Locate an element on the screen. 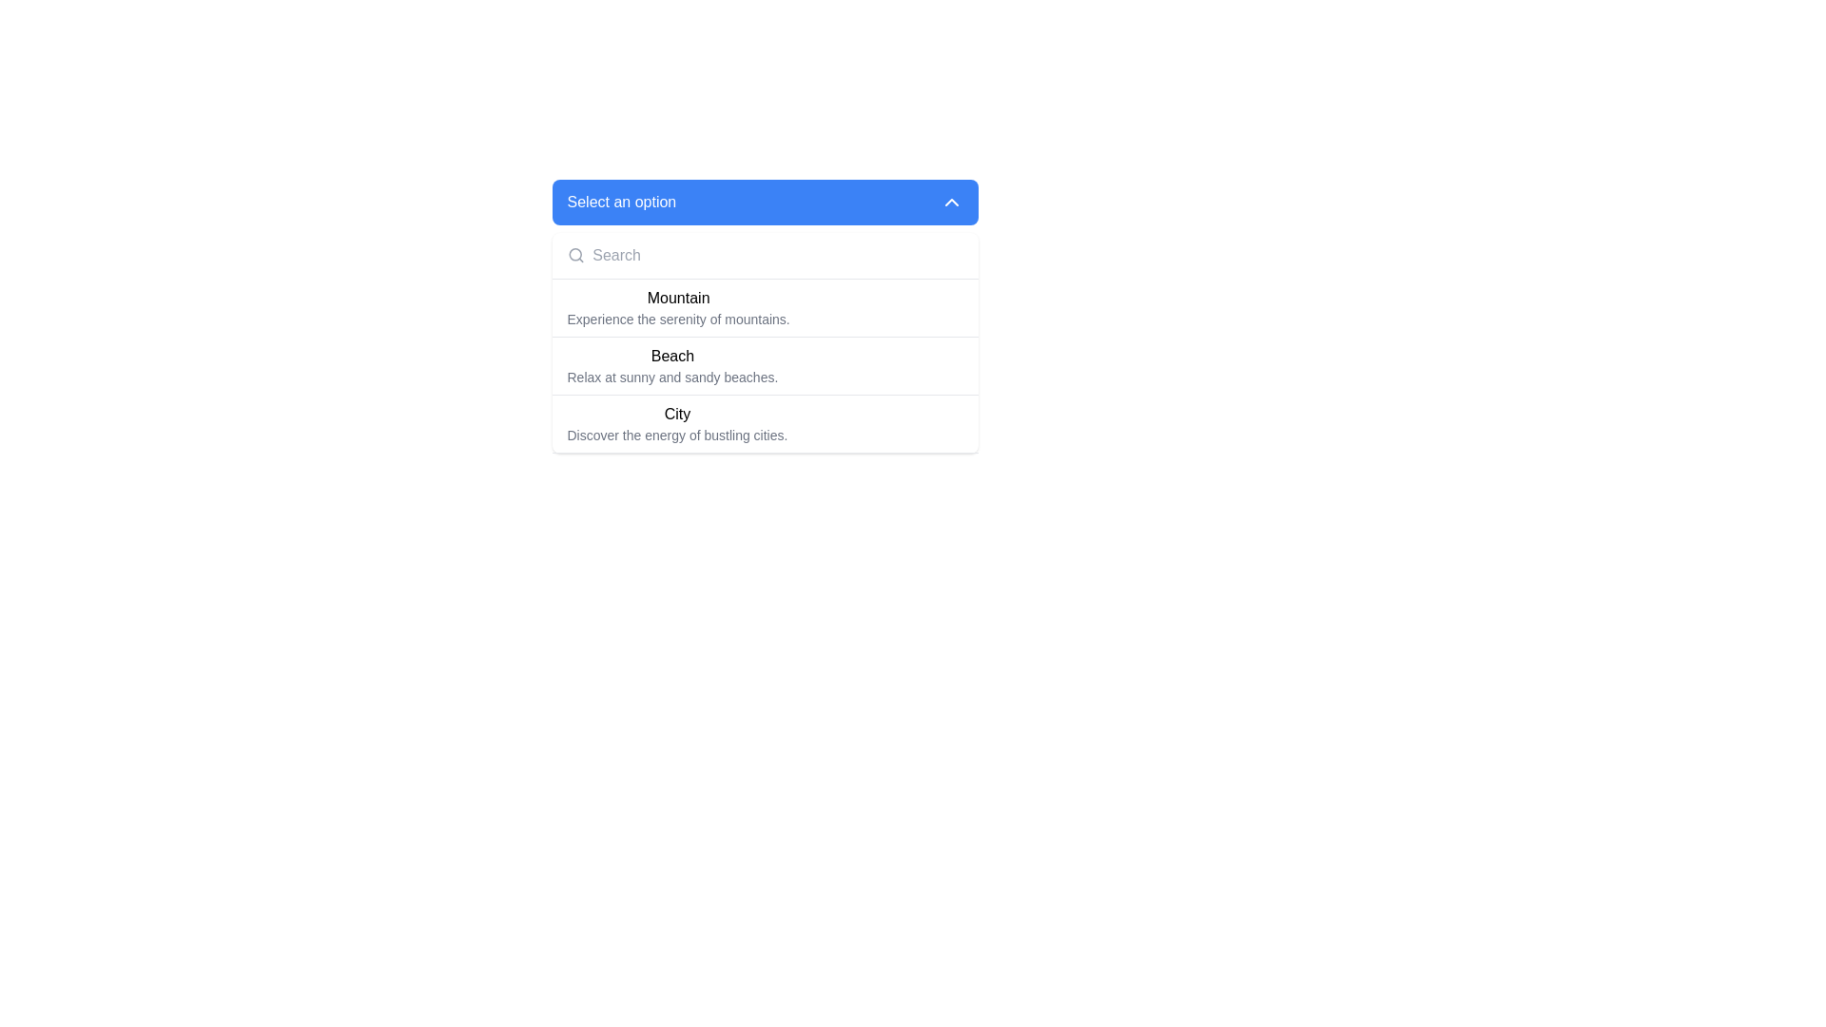  the upward-pointing chevron icon, which is a white-stroked indicator for dropdown functionality on the right side of the 'Select an option' button is located at coordinates (950, 202).